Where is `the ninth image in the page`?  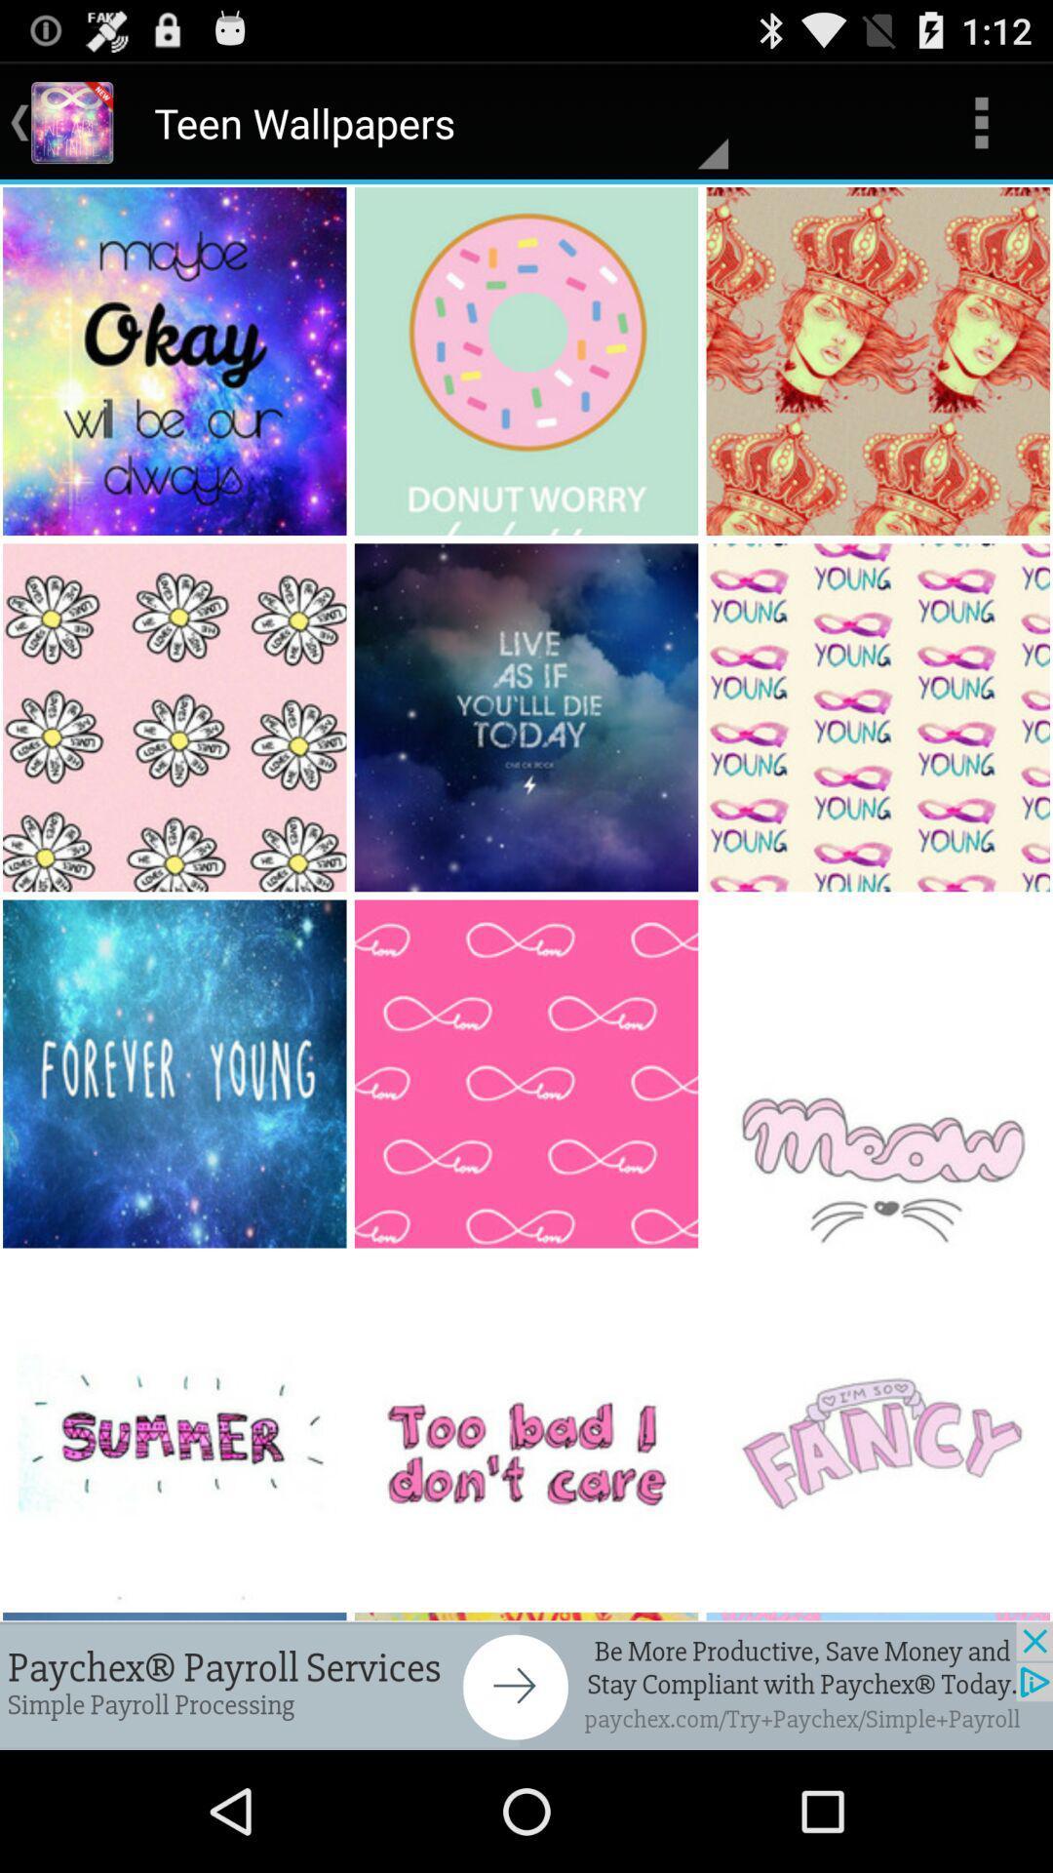 the ninth image in the page is located at coordinates (879, 1073).